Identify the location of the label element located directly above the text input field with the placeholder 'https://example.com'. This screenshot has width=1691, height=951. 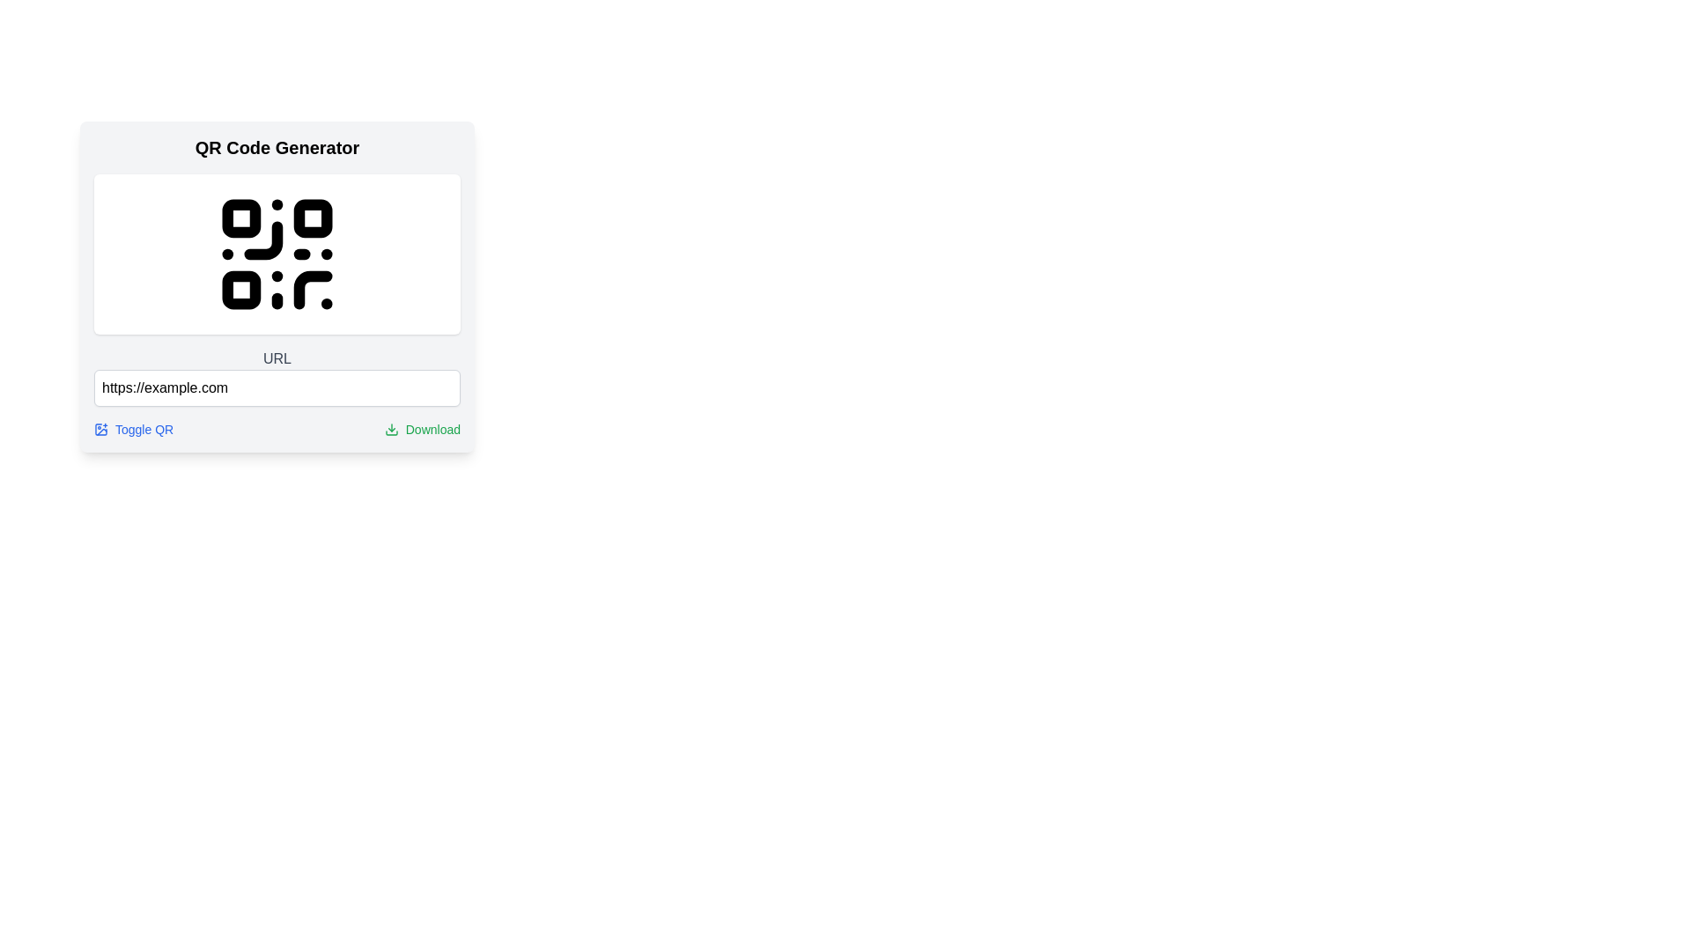
(277, 358).